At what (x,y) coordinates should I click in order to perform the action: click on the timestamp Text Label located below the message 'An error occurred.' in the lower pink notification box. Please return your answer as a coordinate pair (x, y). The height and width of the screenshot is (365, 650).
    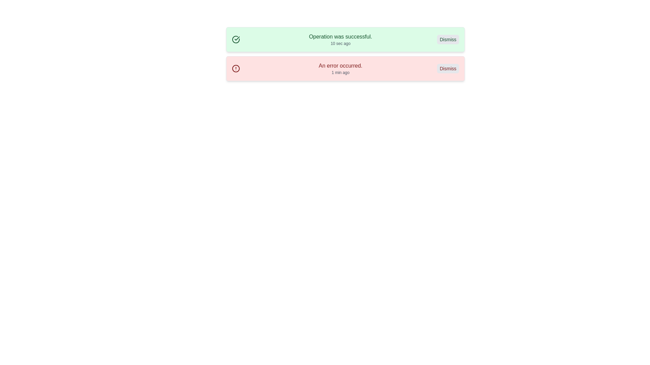
    Looking at the image, I should click on (341, 73).